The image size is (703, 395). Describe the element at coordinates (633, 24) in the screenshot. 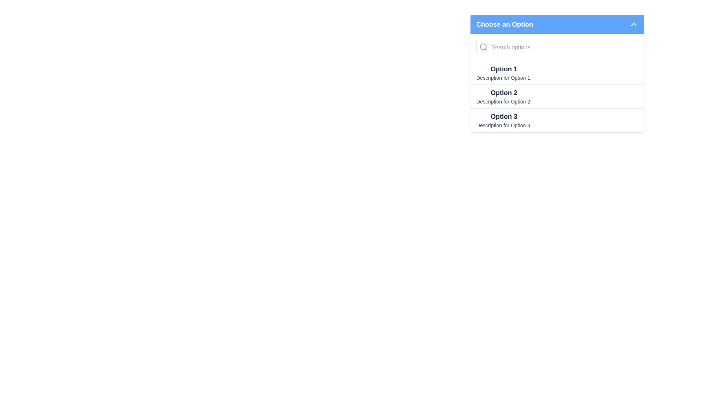

I see `the chevron icon in the top-right corner of the dropdown menu` at that location.